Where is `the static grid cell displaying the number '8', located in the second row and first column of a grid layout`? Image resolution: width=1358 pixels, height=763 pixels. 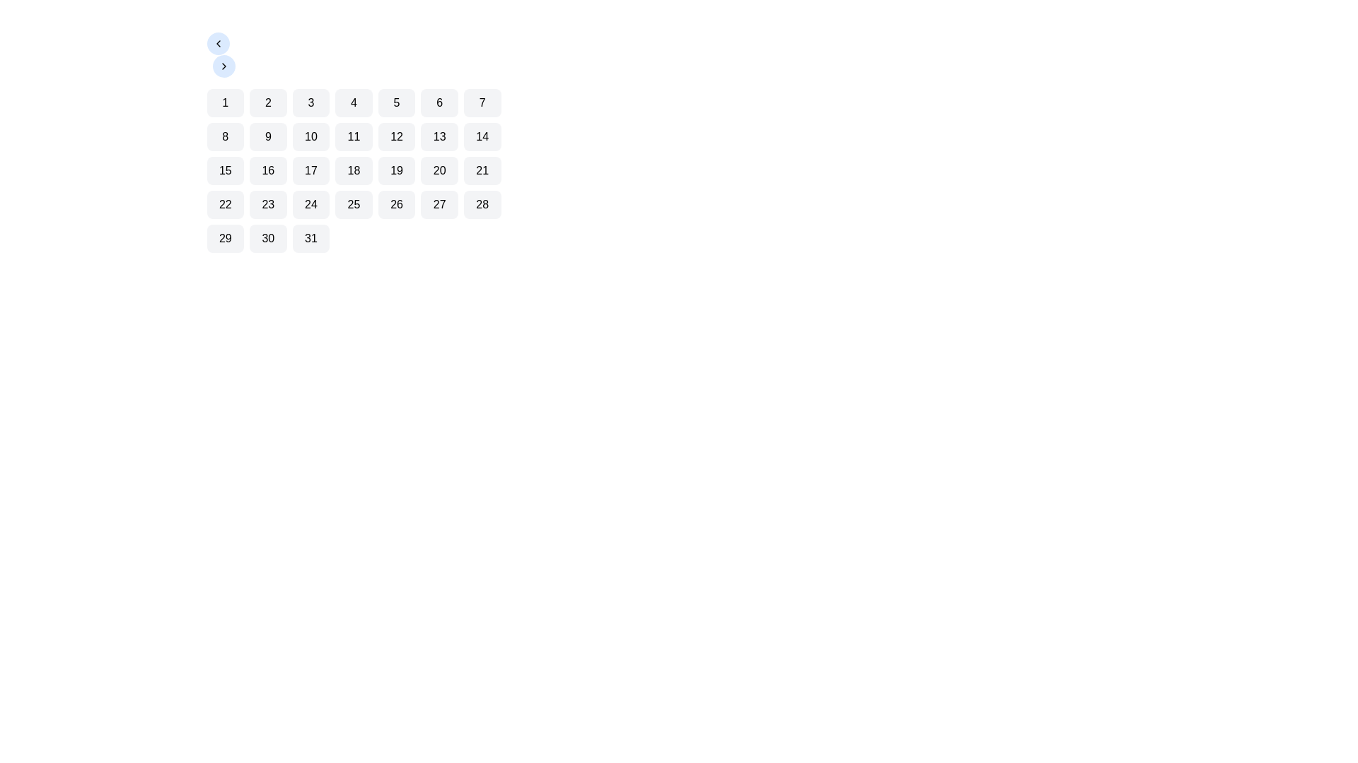 the static grid cell displaying the number '8', located in the second row and first column of a grid layout is located at coordinates (224, 136).